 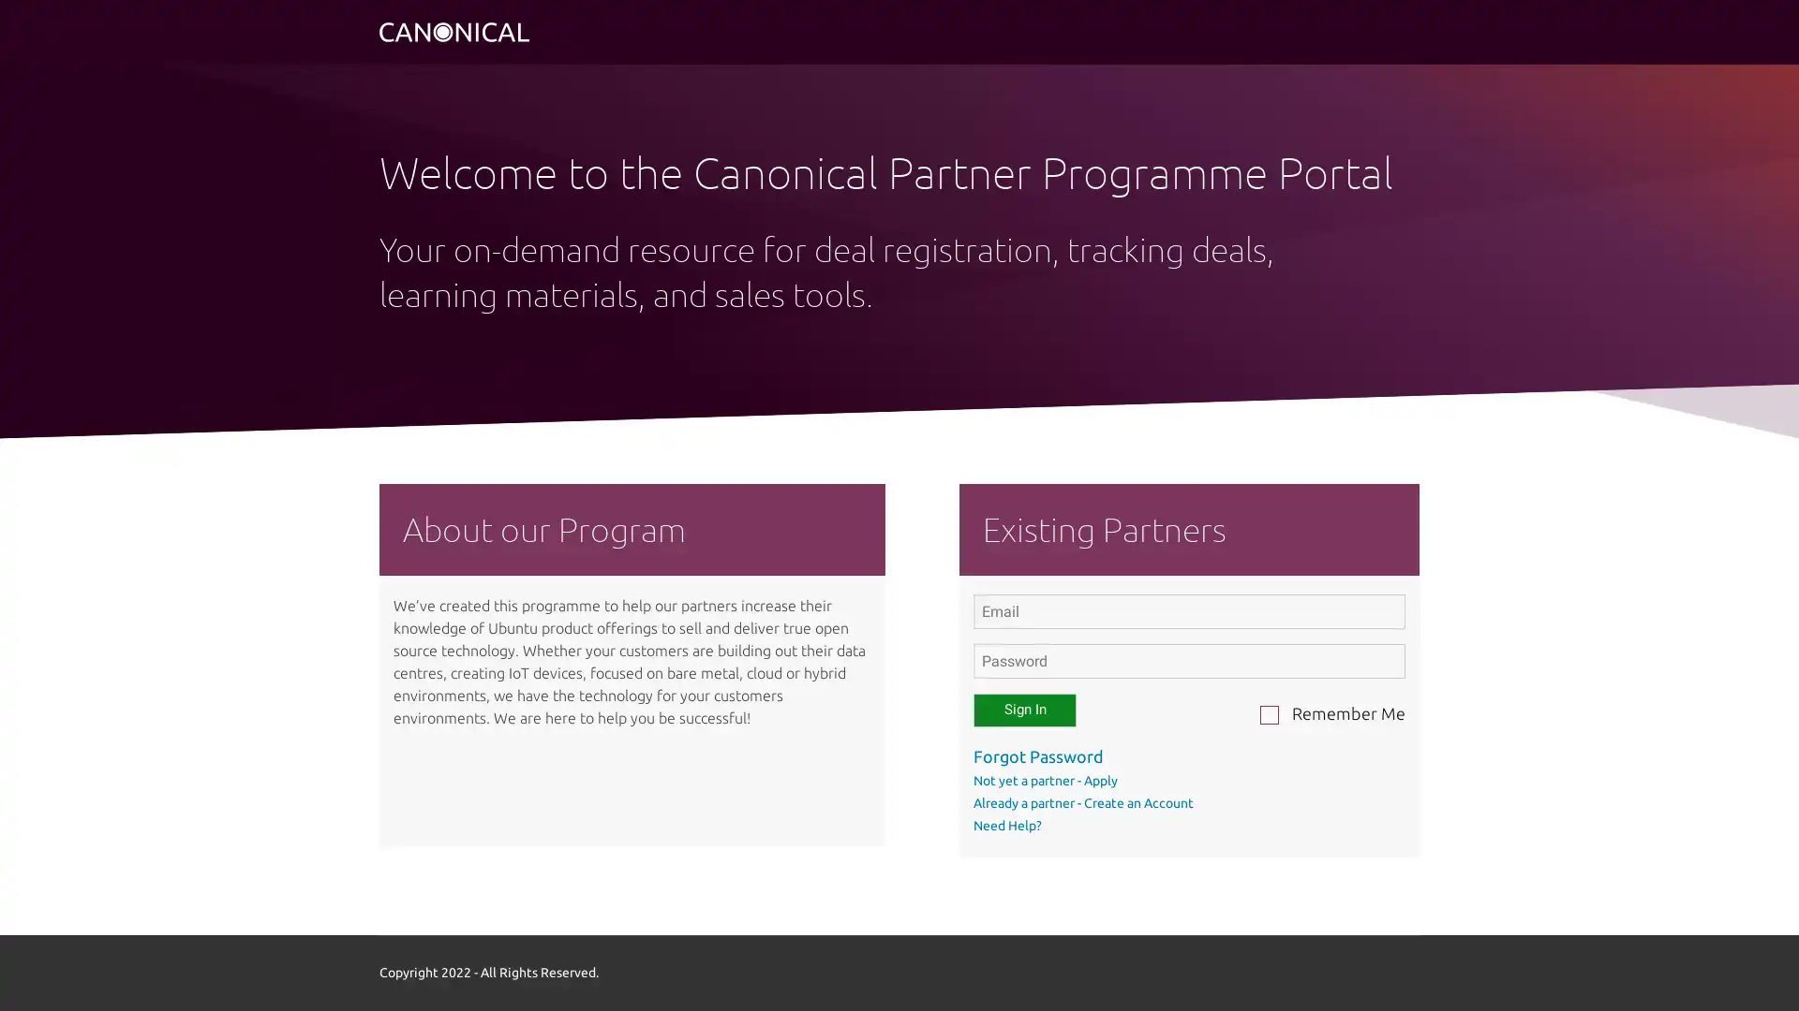 I want to click on Sign In, so click(x=1024, y=710).